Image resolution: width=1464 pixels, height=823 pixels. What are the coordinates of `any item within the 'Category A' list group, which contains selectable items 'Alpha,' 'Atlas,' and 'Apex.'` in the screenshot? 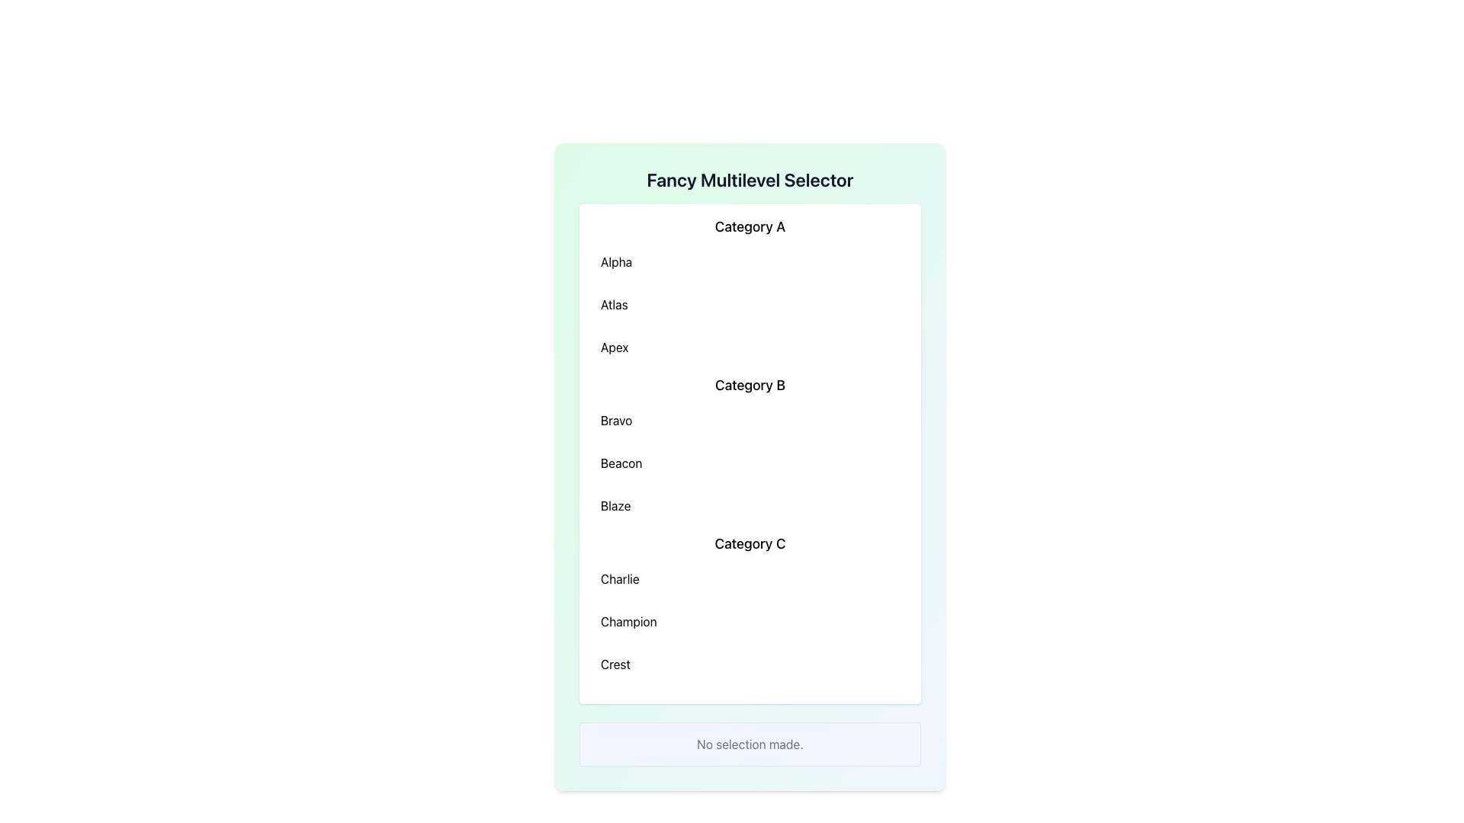 It's located at (750, 290).